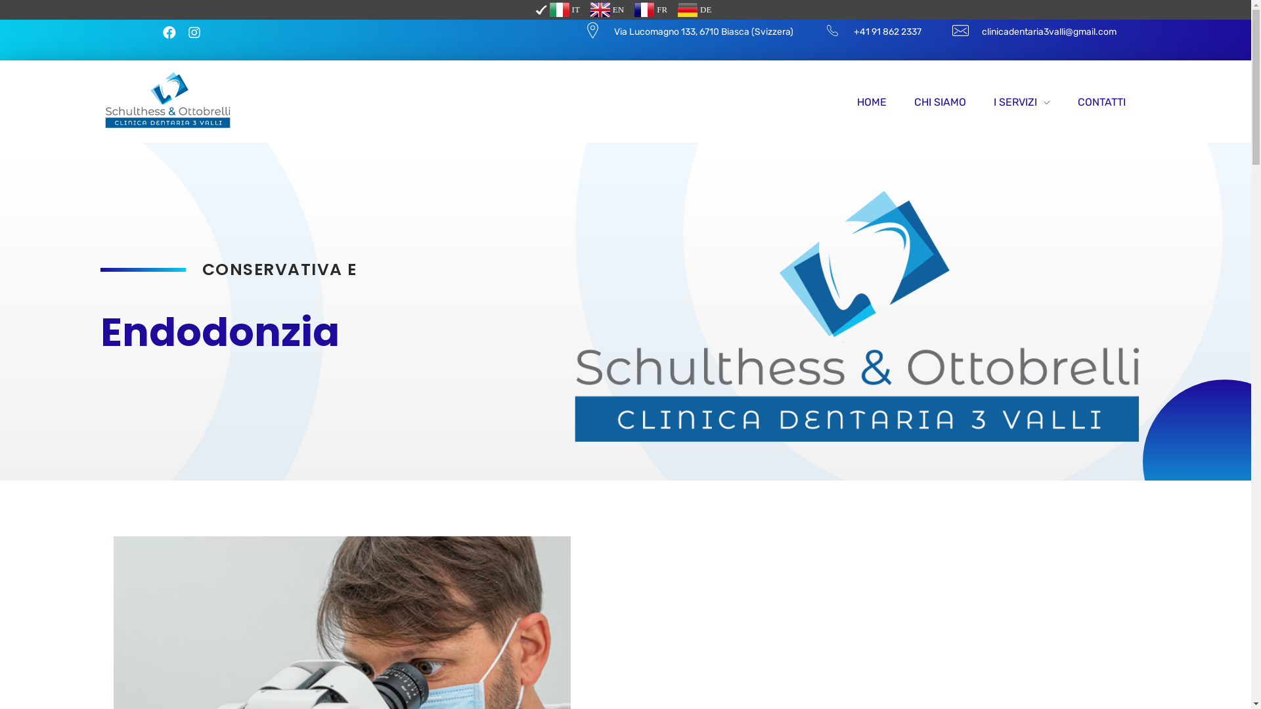  I want to click on 'EN', so click(606, 10).